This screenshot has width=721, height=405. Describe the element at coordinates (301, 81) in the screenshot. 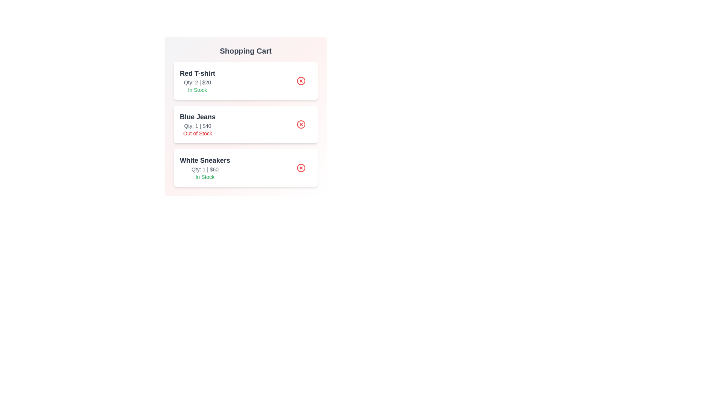

I see `remove button for the item Red T-shirt in the shopping cart` at that location.